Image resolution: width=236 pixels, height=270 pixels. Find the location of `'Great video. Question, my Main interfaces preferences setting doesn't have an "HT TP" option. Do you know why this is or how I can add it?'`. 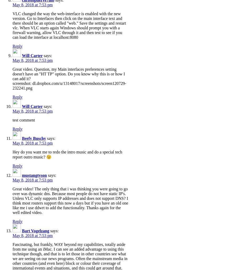

'Great video. Question, my Main interfaces preferences setting doesn't have an "HT TP" option. Do you know why this is or how I can add it?' is located at coordinates (68, 74).